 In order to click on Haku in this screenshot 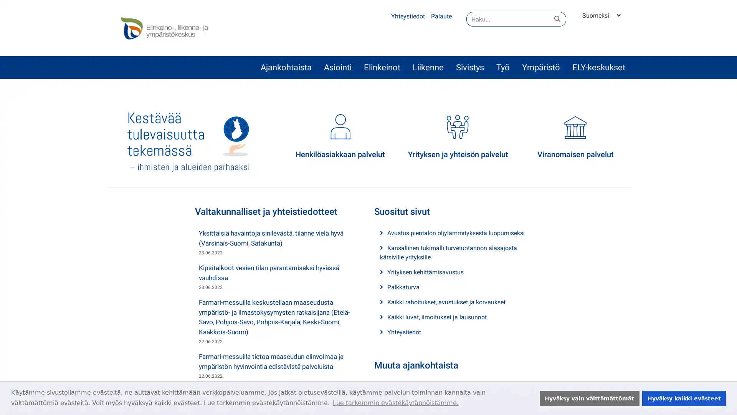, I will do `click(557, 18)`.